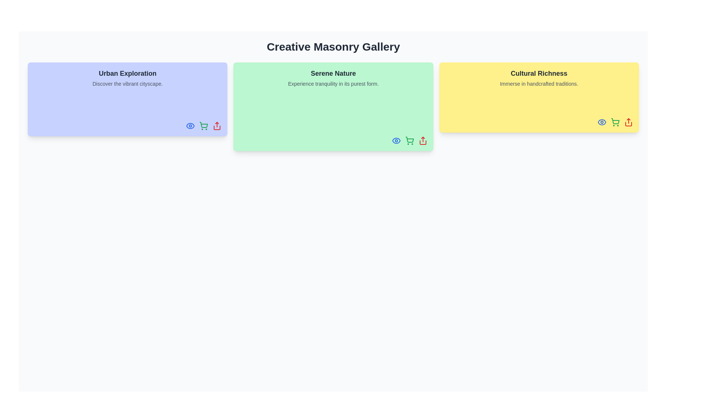 The width and height of the screenshot is (710, 399). I want to click on the shopping cart or favorite icon located in the middle of the second card titled 'Serene Nature', which is the second icon in a sequence of three at the bottom-right corner, so click(409, 141).